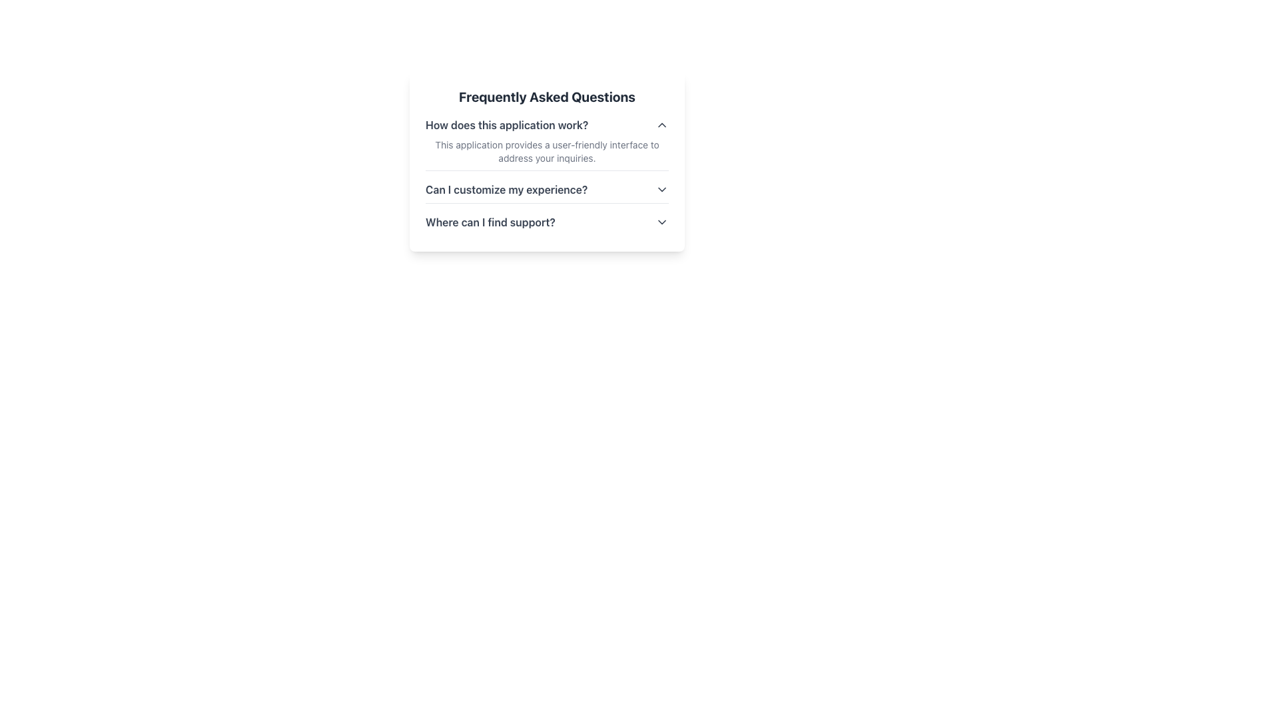 This screenshot has width=1279, height=719. Describe the element at coordinates (547, 192) in the screenshot. I see `the Collapsible section header that asks 'Can I customize my experience?' to change its visual styling` at that location.